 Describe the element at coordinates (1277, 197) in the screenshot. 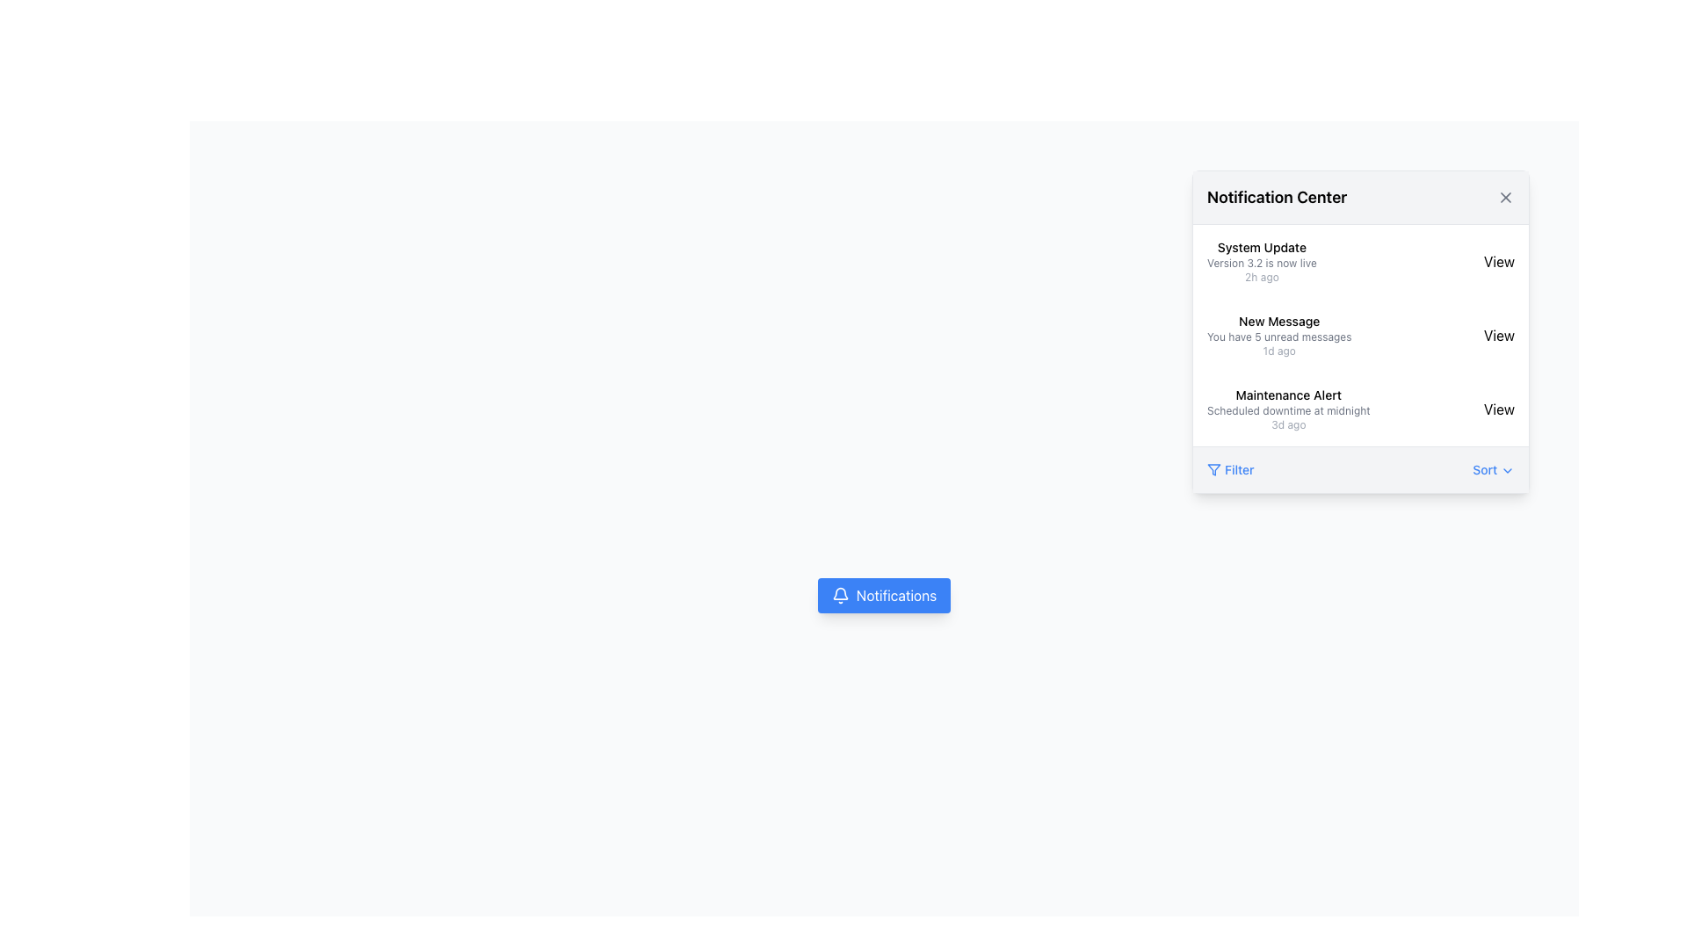

I see `the 'Notification Center' text label displayed in bold at the top of the notification panel` at that location.